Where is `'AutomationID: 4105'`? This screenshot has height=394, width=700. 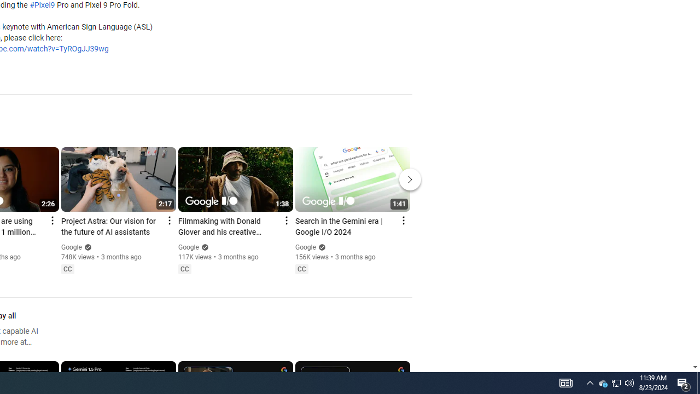
'AutomationID: 4105' is located at coordinates (565, 382).